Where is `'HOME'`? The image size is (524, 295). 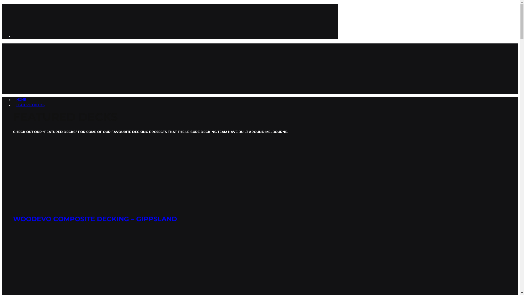 'HOME' is located at coordinates (21, 100).